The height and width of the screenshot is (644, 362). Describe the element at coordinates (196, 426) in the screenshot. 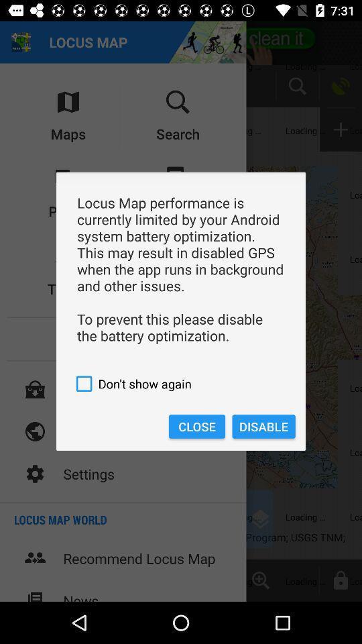

I see `the icon to the left of disable icon` at that location.